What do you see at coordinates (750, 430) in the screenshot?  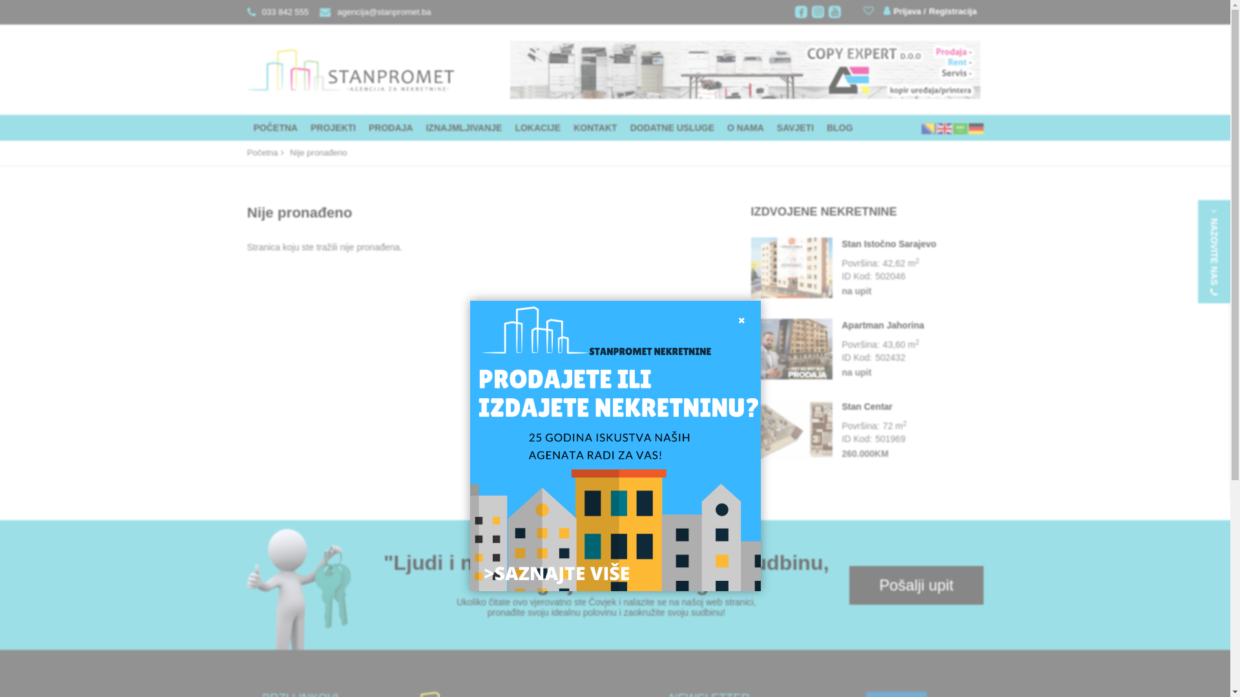 I see `'Stan Centar'` at bounding box center [750, 430].